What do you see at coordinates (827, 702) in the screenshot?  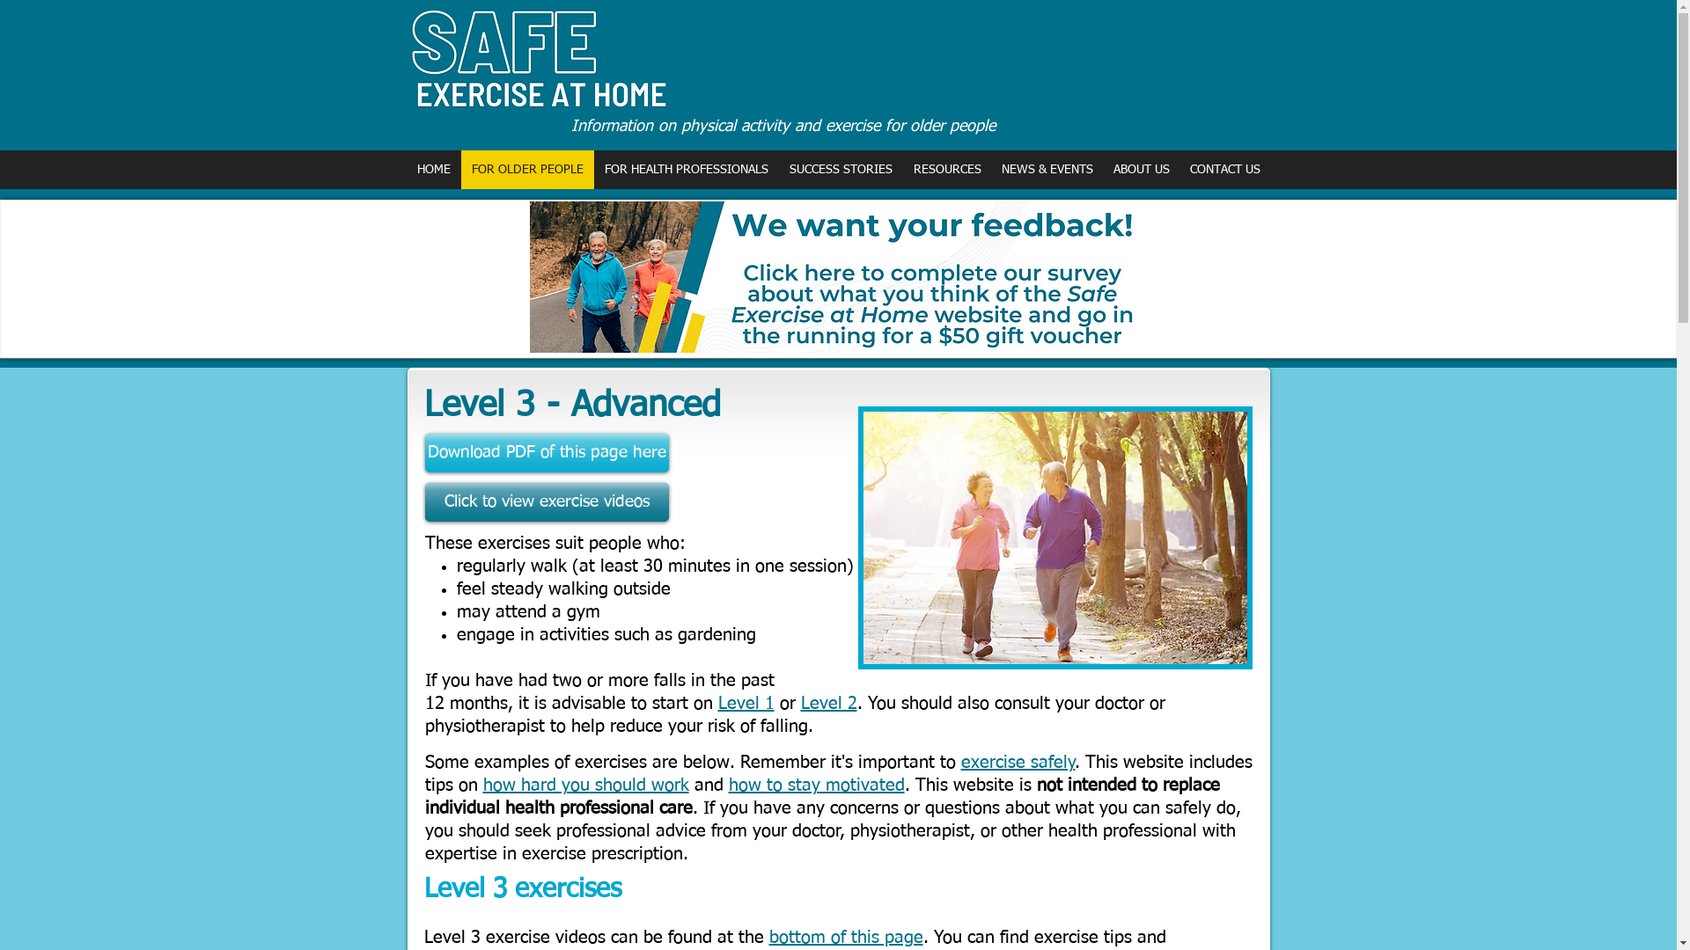 I see `'Level 2'` at bounding box center [827, 702].